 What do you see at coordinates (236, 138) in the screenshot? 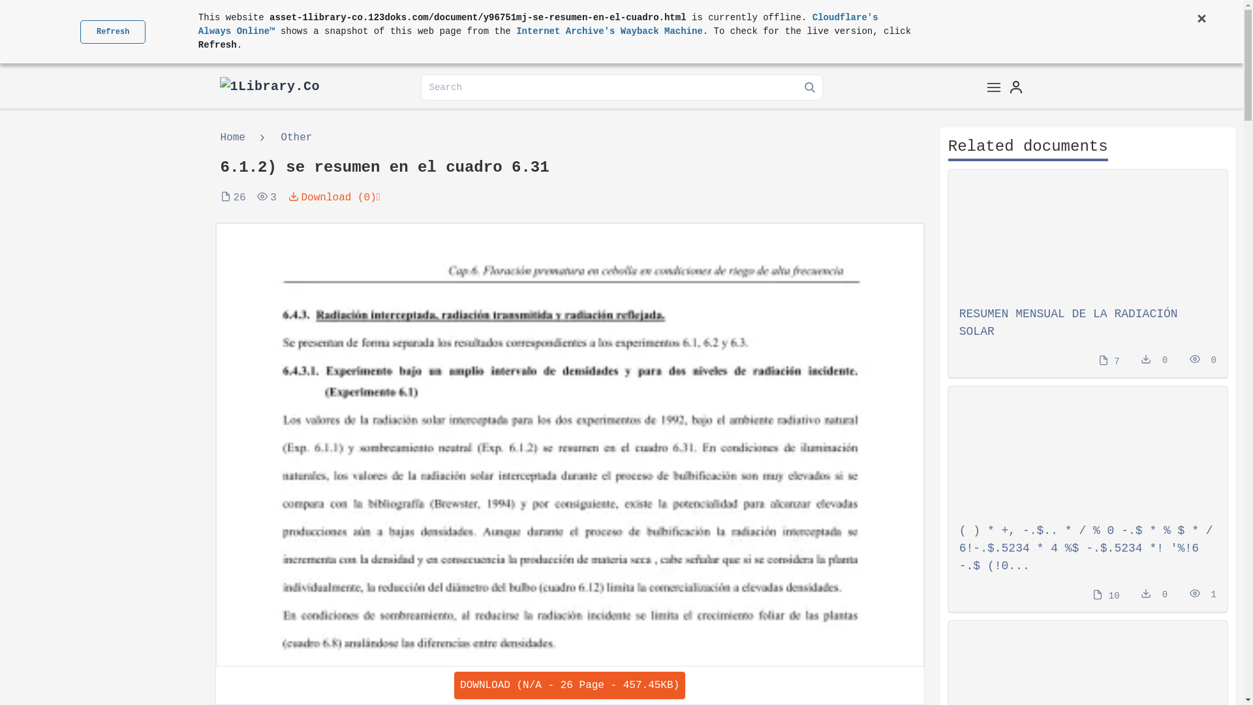
I see `'Home'` at bounding box center [236, 138].